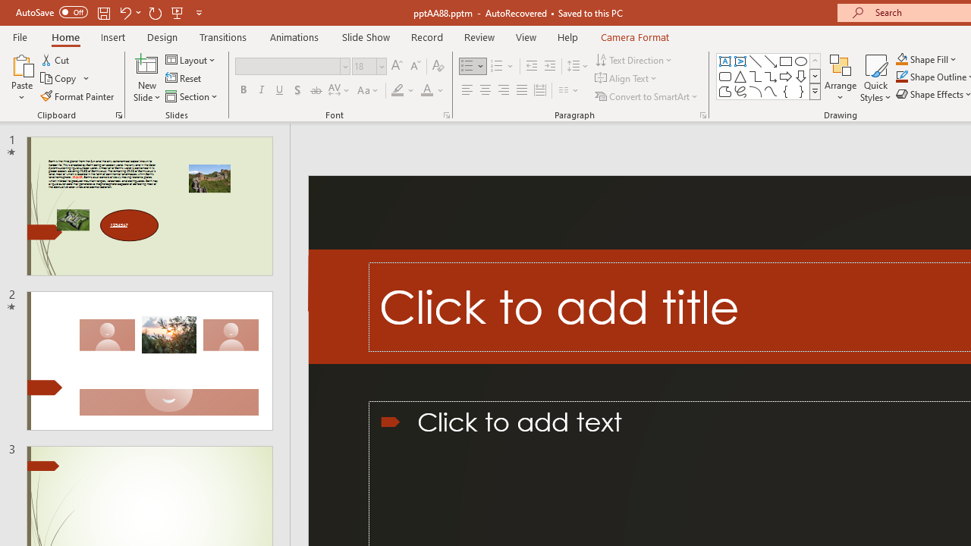 The image size is (971, 546). I want to click on 'Rectangle: Rounded Corners', so click(724, 76).